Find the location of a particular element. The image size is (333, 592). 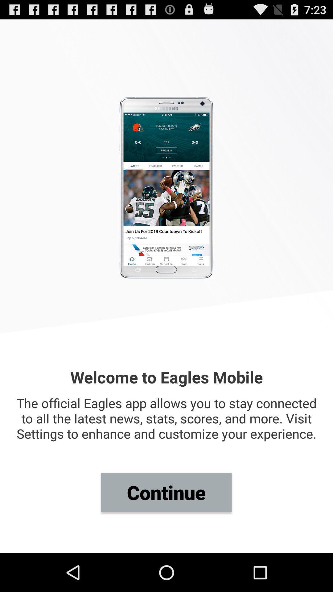

continue item is located at coordinates (166, 492).